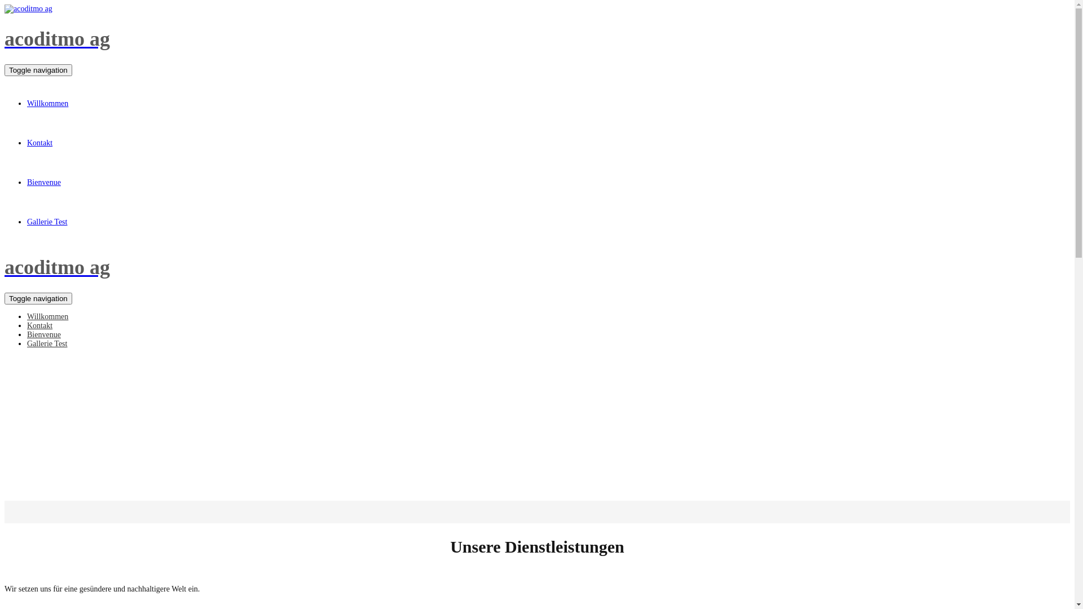 The width and height of the screenshot is (1083, 609). I want to click on 'acoditmo ag', so click(536, 38).